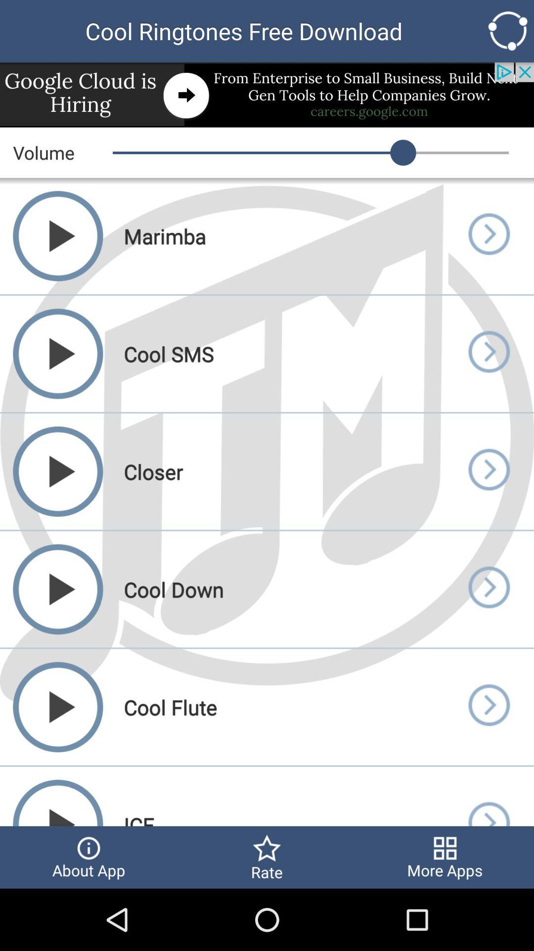 The image size is (534, 951). What do you see at coordinates (488, 796) in the screenshot?
I see `open track info` at bounding box center [488, 796].